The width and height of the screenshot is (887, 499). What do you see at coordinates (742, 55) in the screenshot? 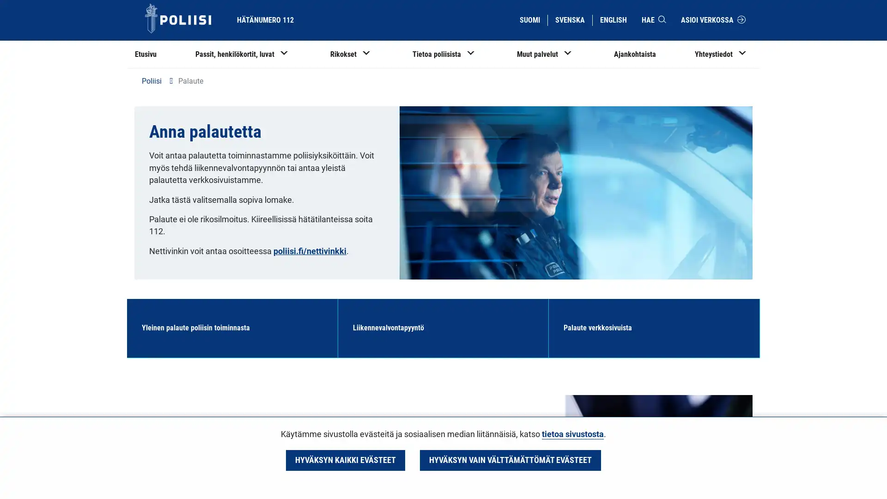
I see `Yhteystiedot -osion alavalikko` at bounding box center [742, 55].